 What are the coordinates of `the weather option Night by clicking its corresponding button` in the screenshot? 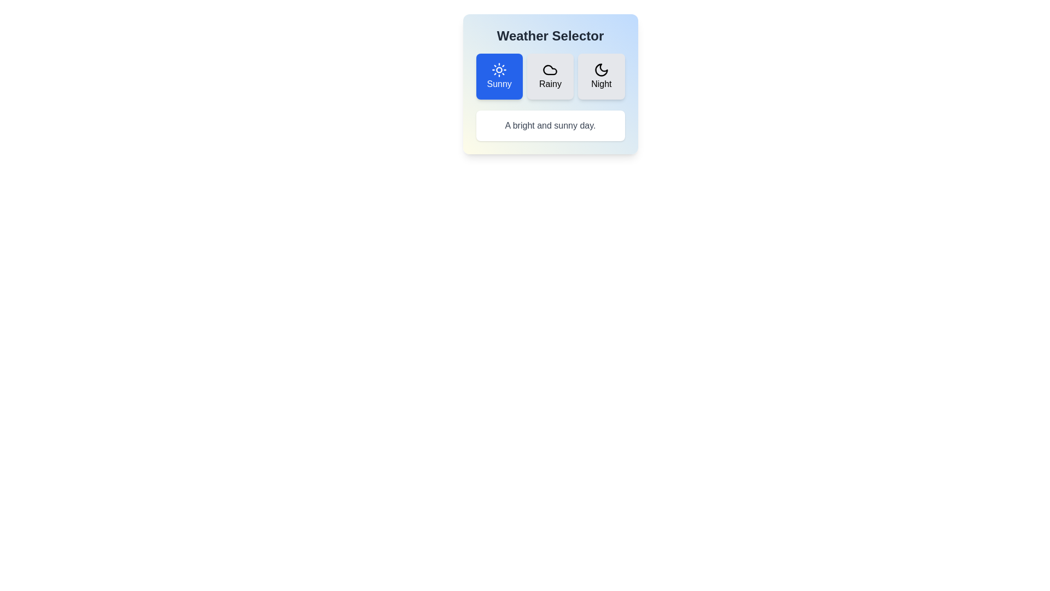 It's located at (600, 76).